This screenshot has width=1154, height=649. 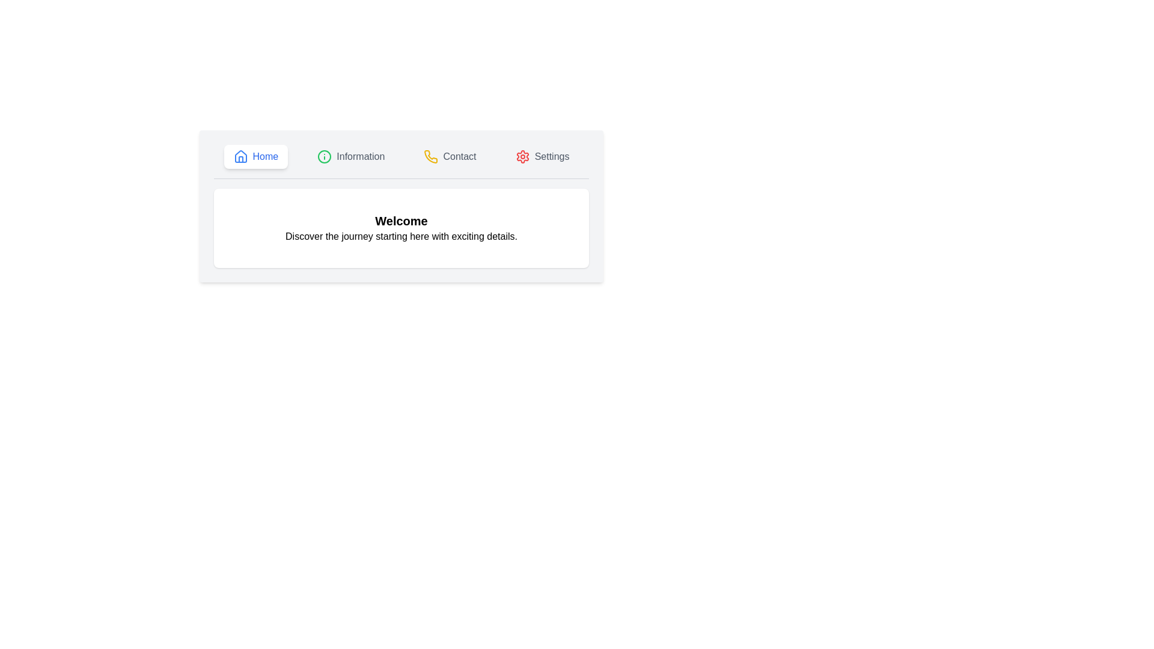 I want to click on the 'Information' button, which is a horizontally oriented button with an 'i' icon in a green circle and gray text, located between 'Home' and 'Contact' buttons, so click(x=350, y=156).